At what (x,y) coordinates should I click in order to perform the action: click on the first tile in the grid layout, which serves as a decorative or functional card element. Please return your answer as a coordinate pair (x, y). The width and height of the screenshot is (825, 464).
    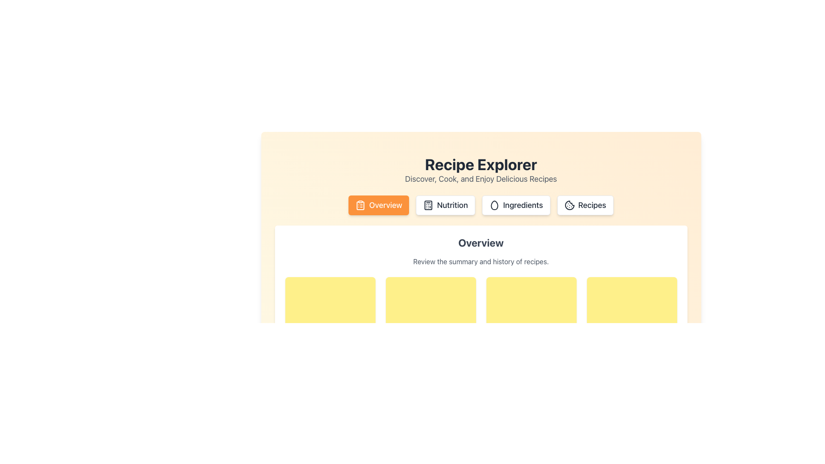
    Looking at the image, I should click on (330, 322).